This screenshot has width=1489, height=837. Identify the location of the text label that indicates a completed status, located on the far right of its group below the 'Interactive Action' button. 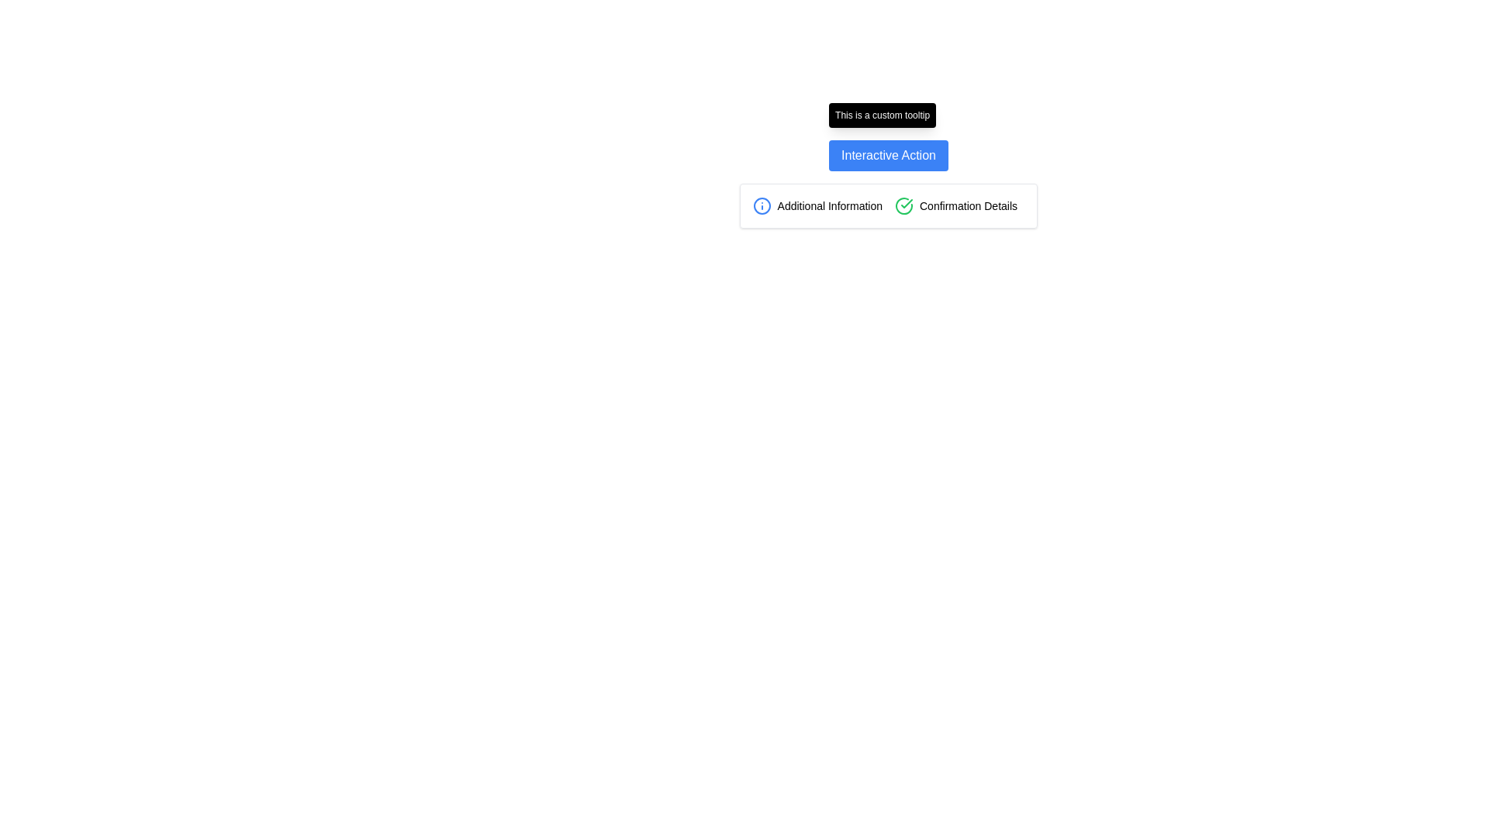
(967, 205).